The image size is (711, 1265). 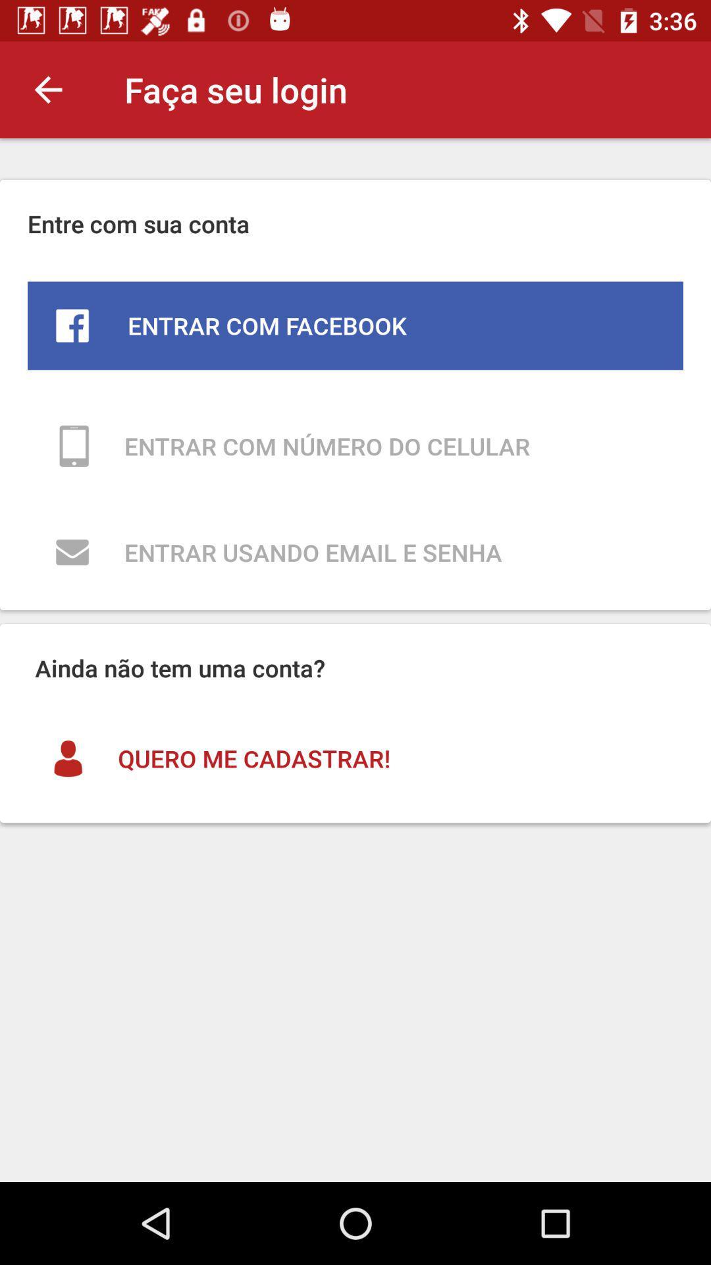 What do you see at coordinates (355, 552) in the screenshot?
I see `the entrar usando email item` at bounding box center [355, 552].